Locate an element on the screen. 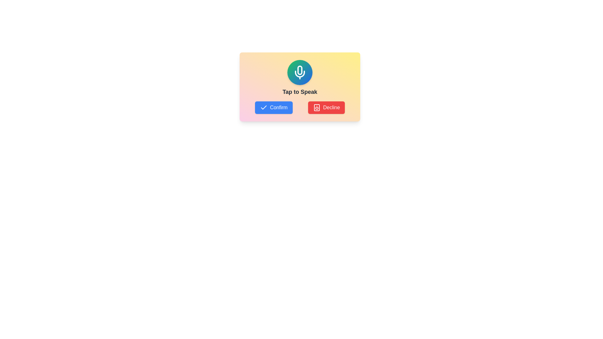 This screenshot has width=603, height=339. the narrow, pill-shaped microphone icon located above the 'Tap to Speak' text in the interface is located at coordinates (300, 70).